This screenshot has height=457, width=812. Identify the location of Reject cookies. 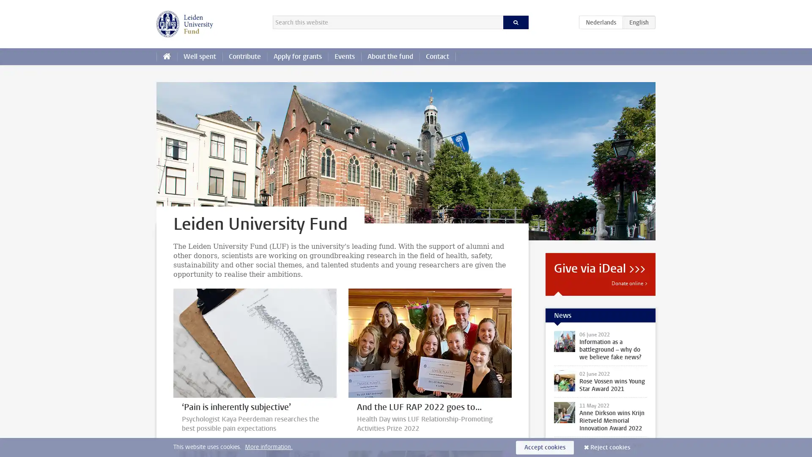
(610, 447).